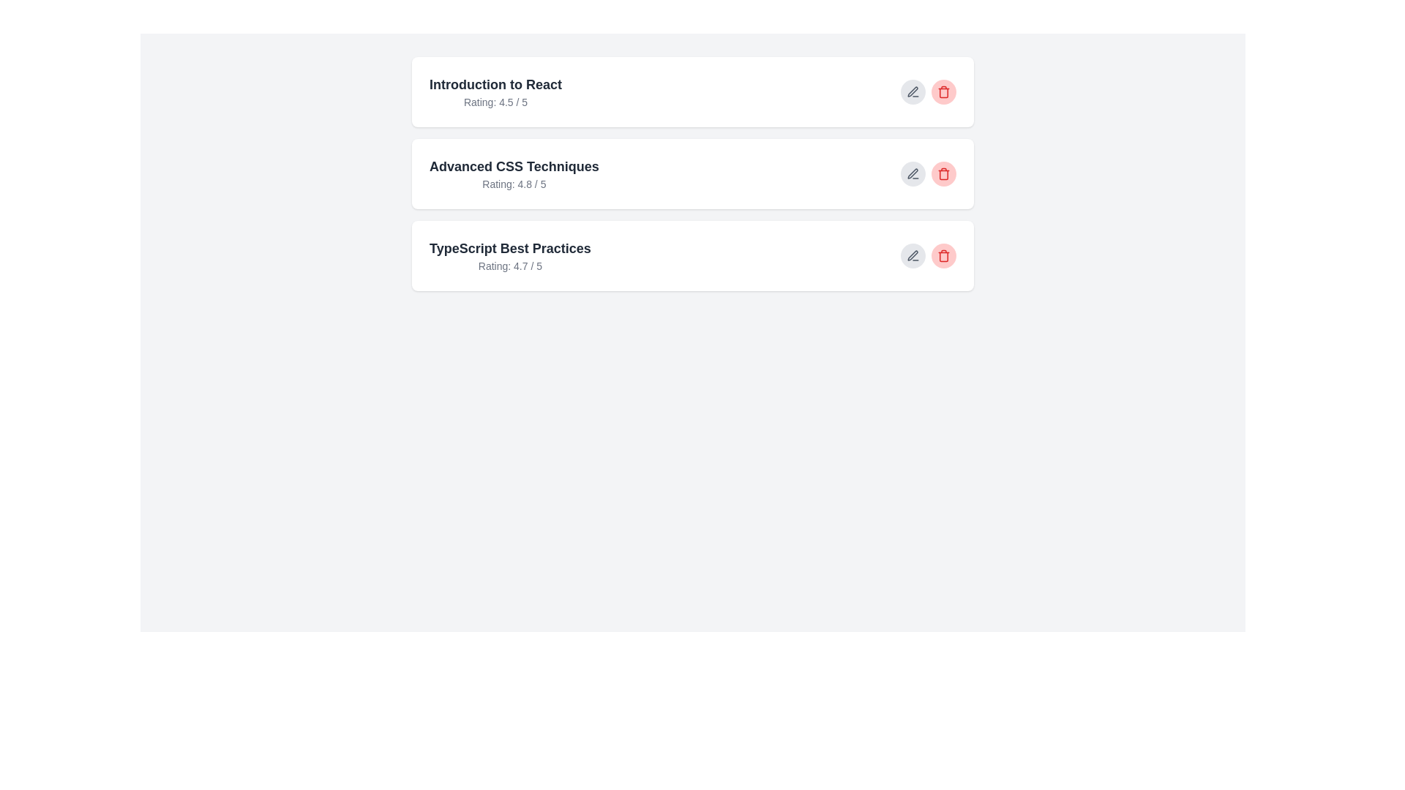 The image size is (1405, 790). Describe the element at coordinates (913, 92) in the screenshot. I see `the circular button with a gray background and a pen icon to initiate editing for 'Introduction to React'` at that location.